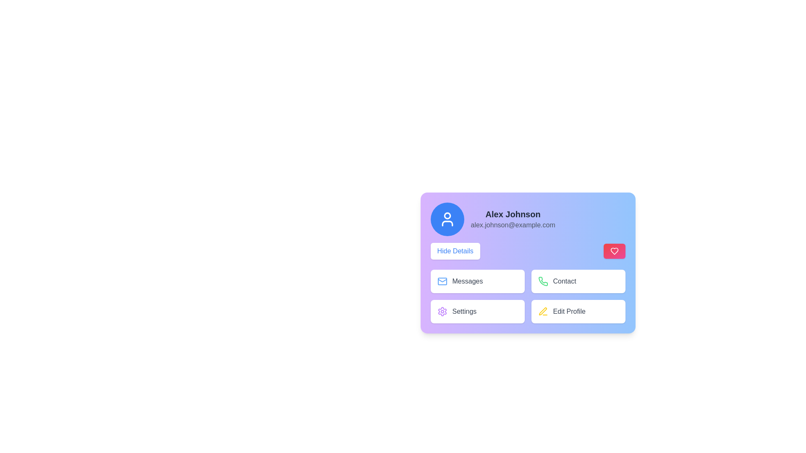  I want to click on the navigational button for messages, which is the first item in the grid layout and located above the 'Settings' button, so click(477, 281).